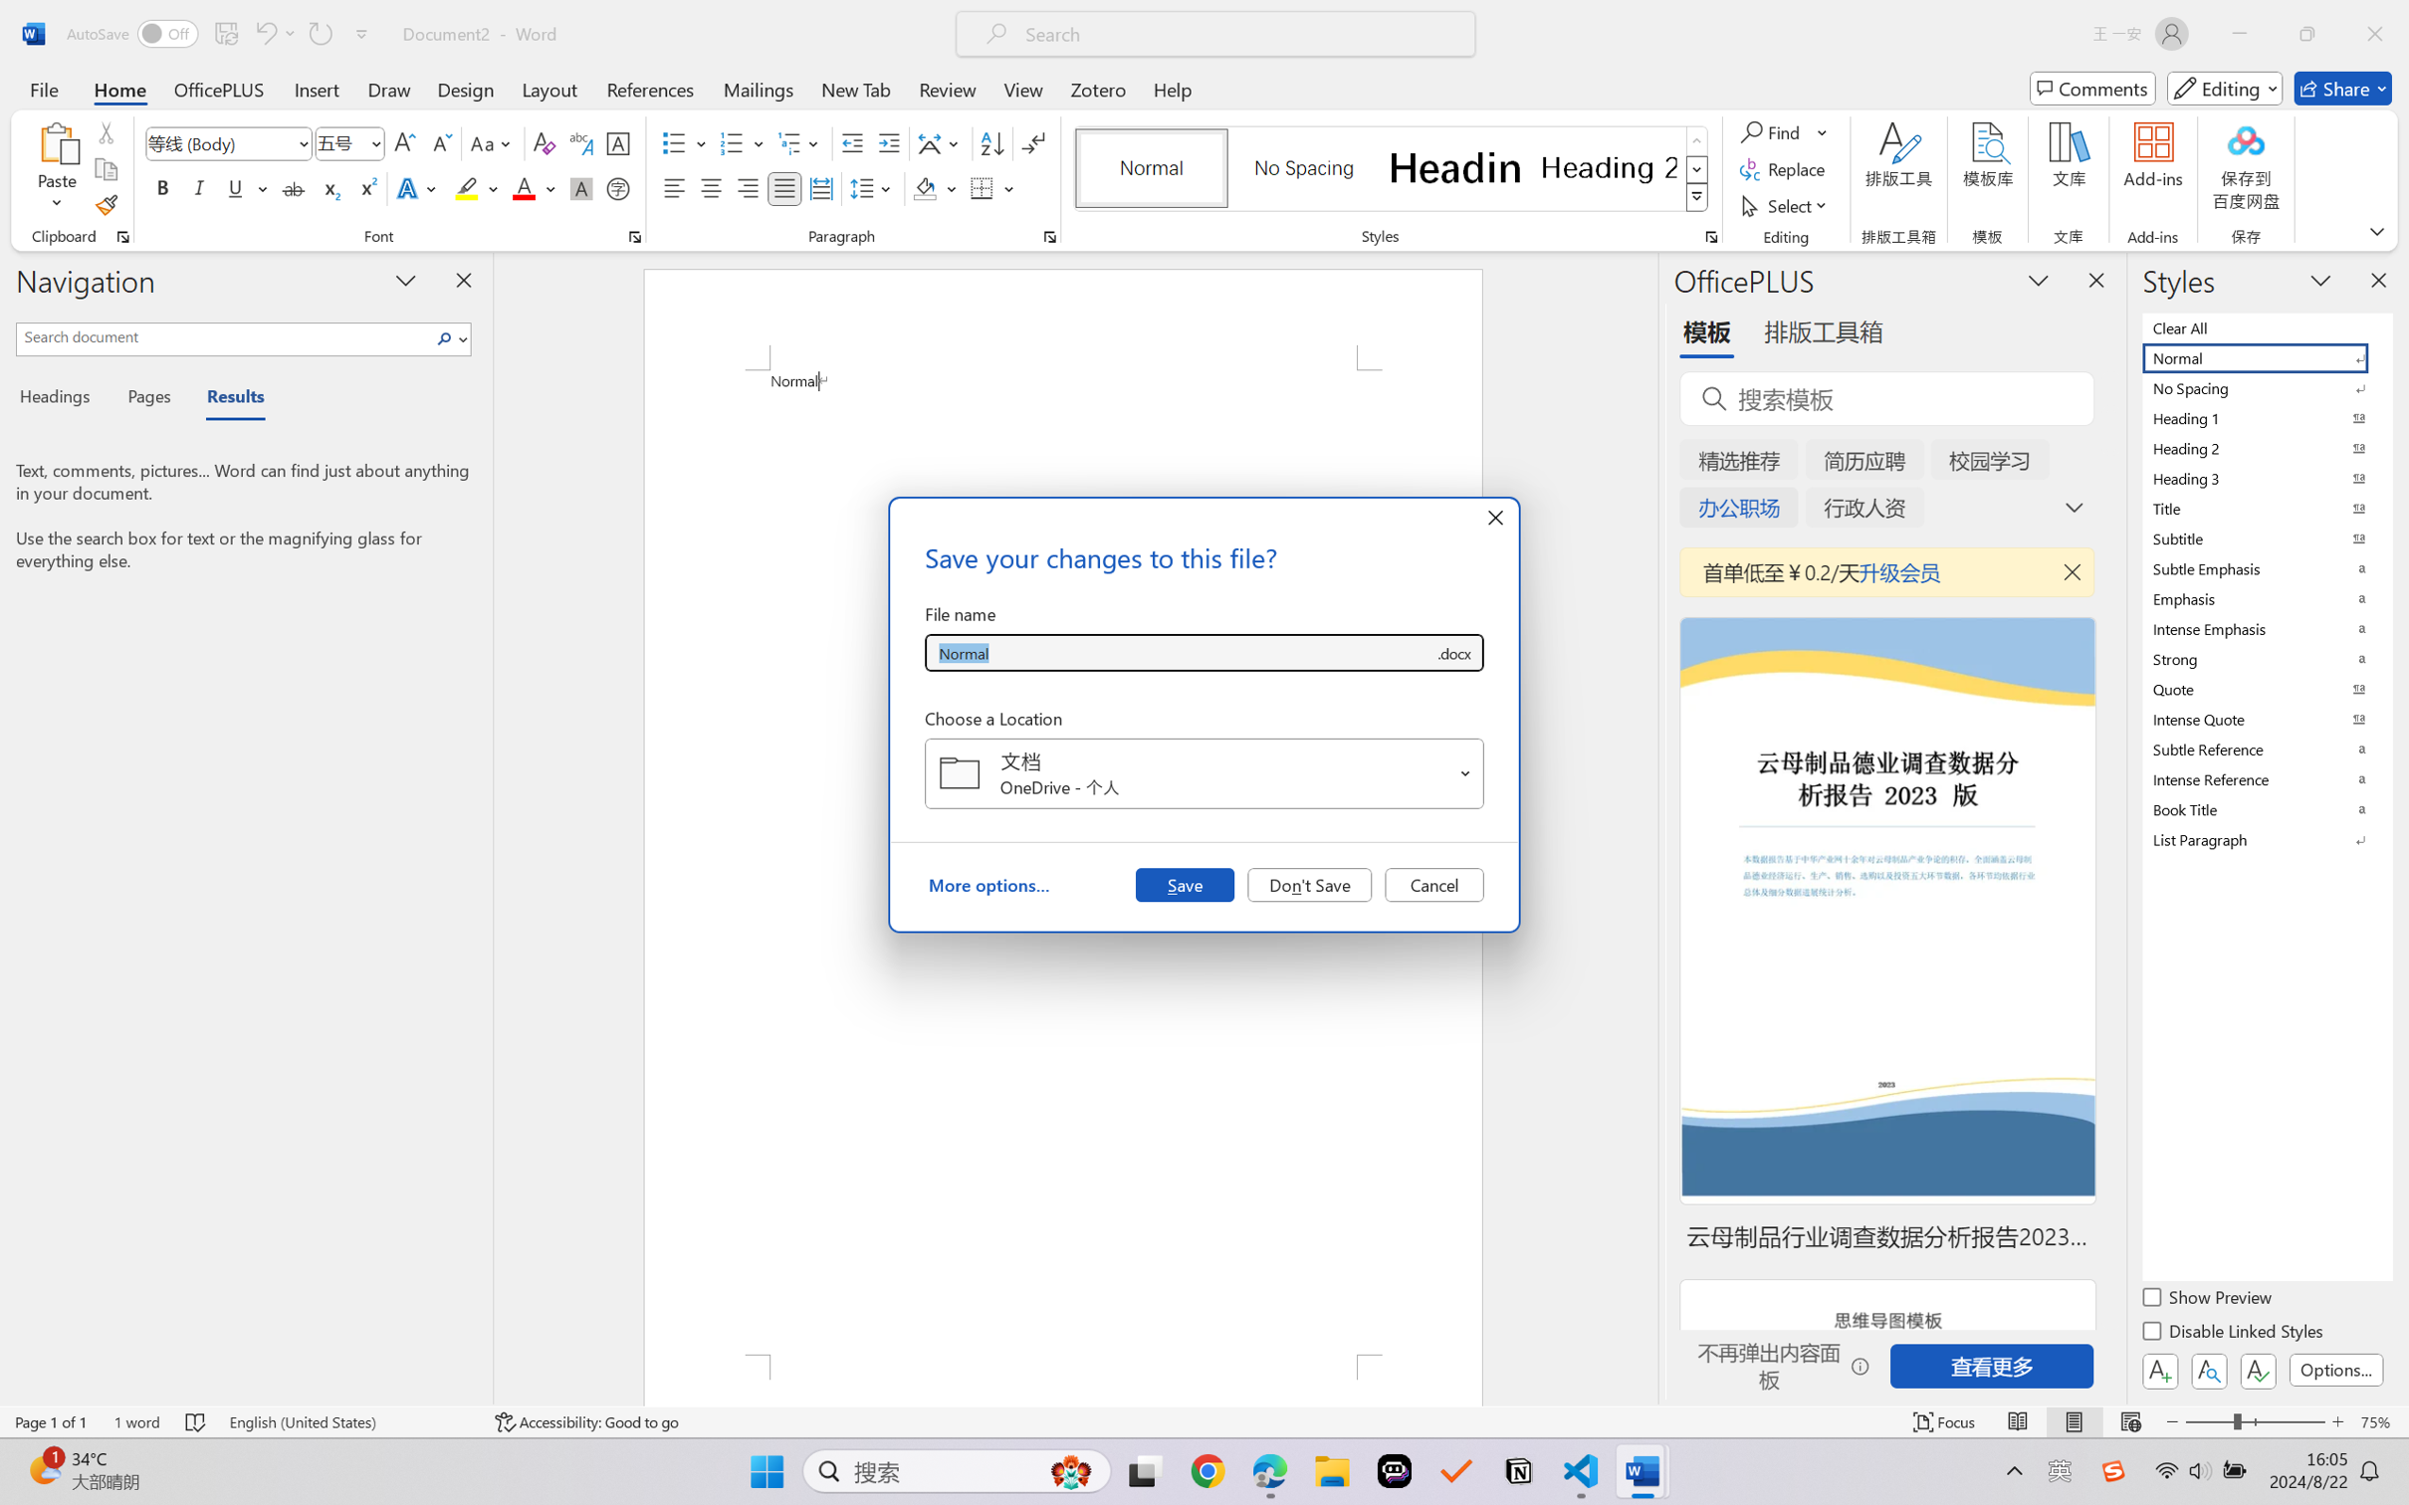 Image resolution: width=2409 pixels, height=1505 pixels. What do you see at coordinates (759, 88) in the screenshot?
I see `'Mailings'` at bounding box center [759, 88].